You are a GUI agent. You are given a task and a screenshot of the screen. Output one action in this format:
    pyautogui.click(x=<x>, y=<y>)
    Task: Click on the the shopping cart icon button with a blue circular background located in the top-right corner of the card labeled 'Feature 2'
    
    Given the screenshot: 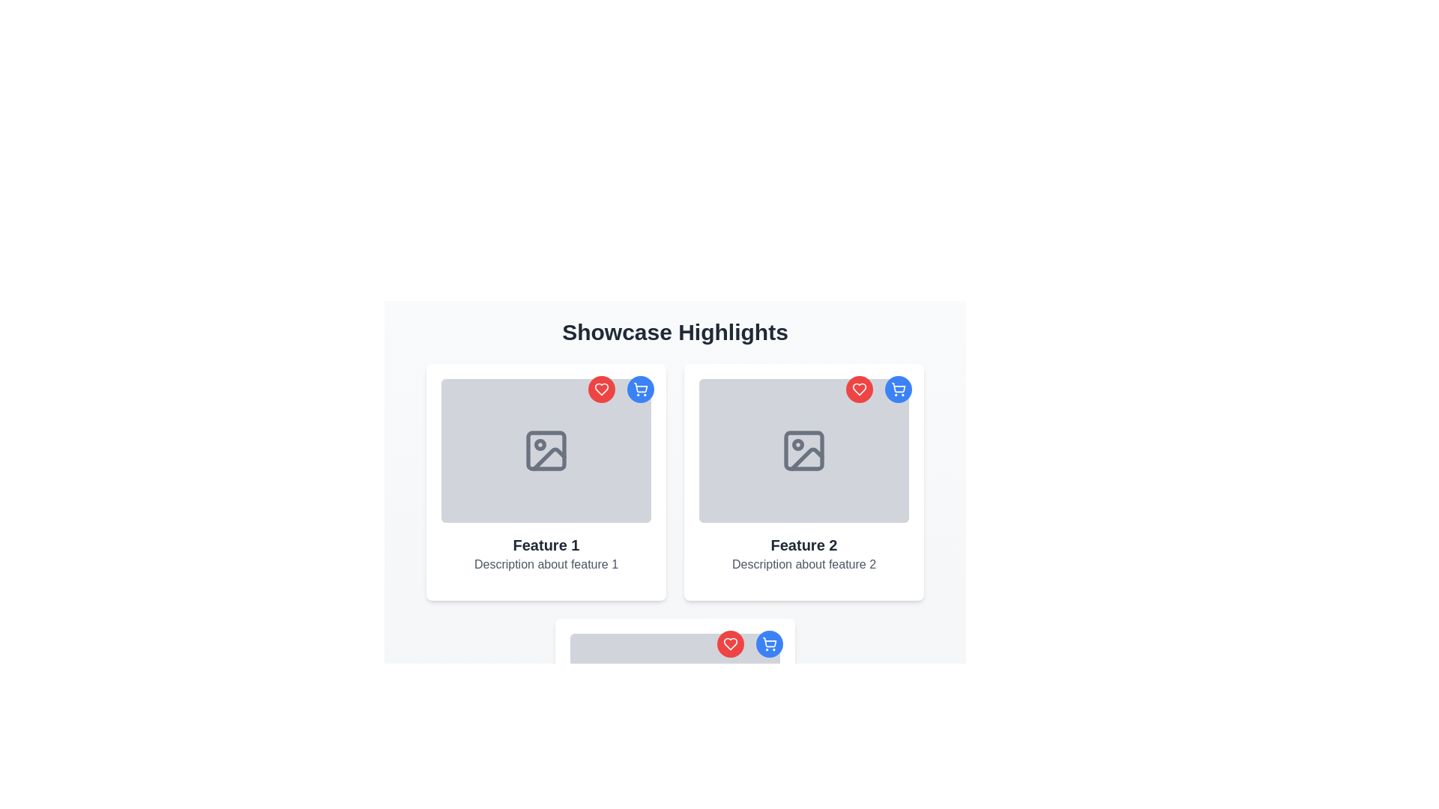 What is the action you would take?
    pyautogui.click(x=770, y=643)
    